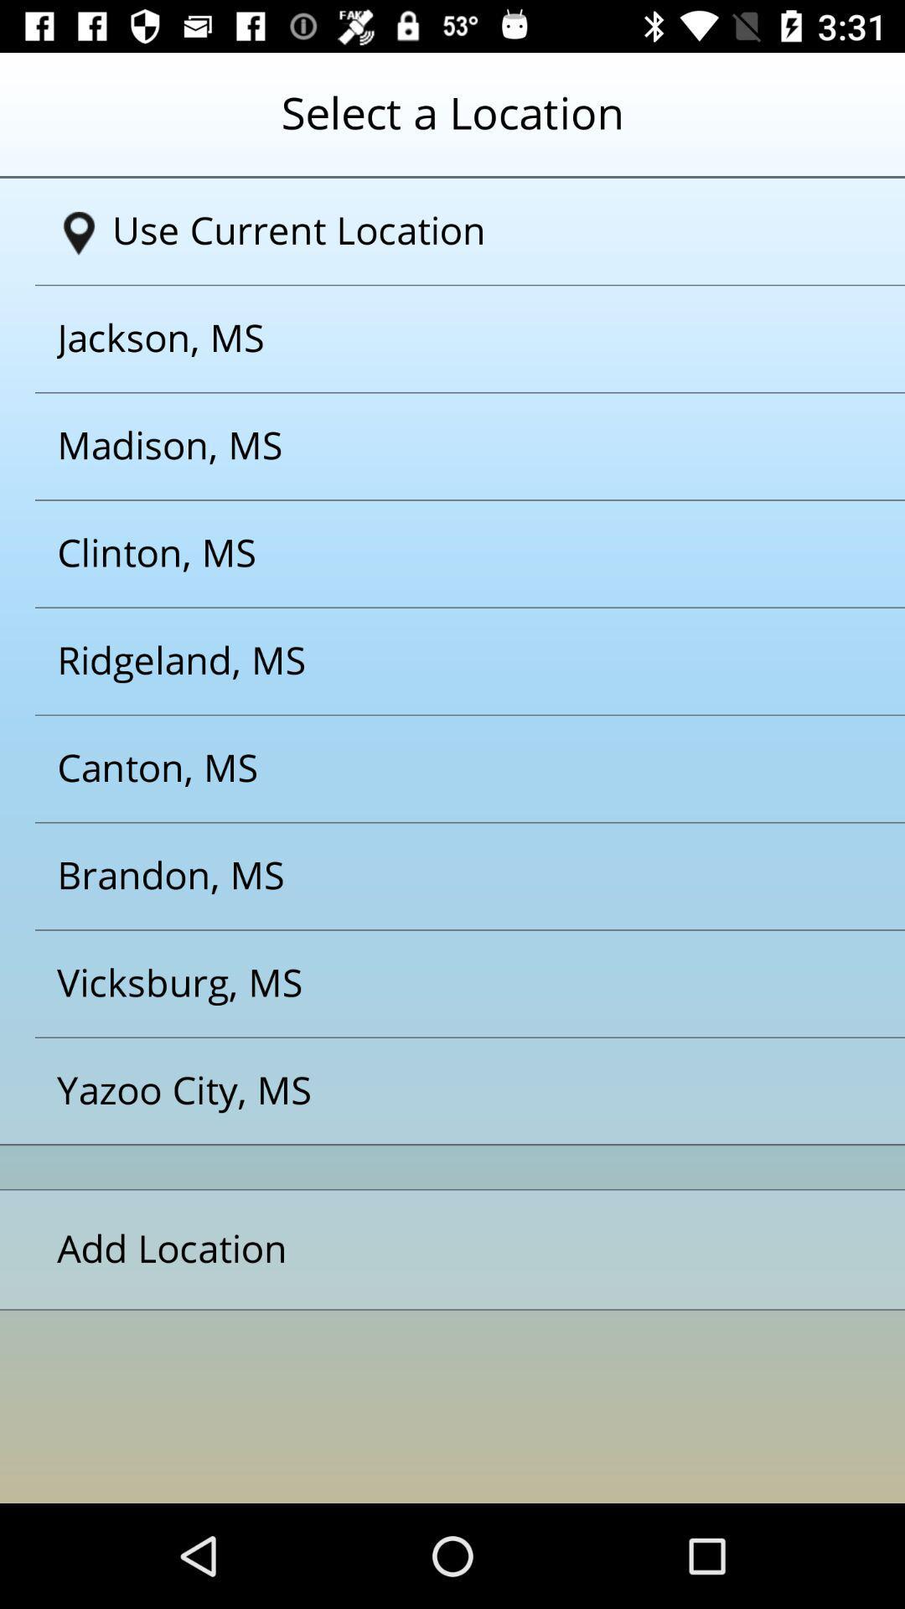  Describe the element at coordinates (431, 554) in the screenshot. I see `clinton ms` at that location.